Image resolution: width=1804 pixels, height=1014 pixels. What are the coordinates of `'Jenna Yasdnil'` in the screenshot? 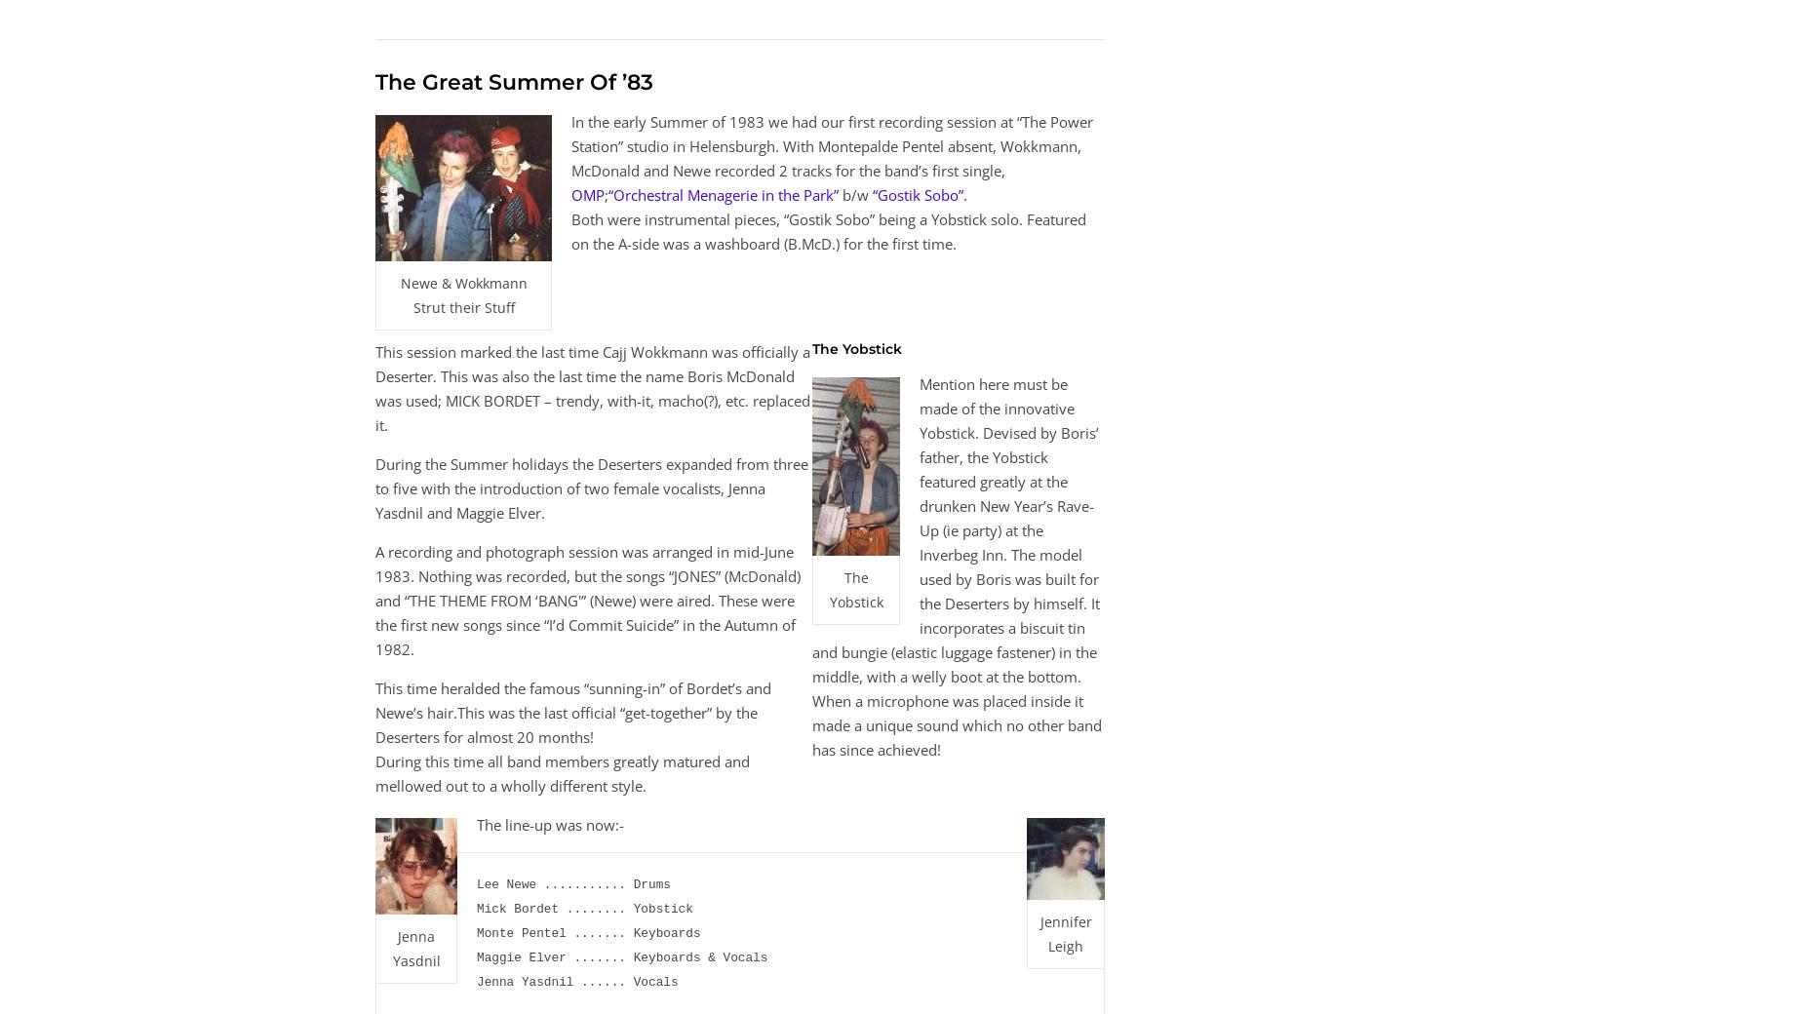 It's located at (414, 947).